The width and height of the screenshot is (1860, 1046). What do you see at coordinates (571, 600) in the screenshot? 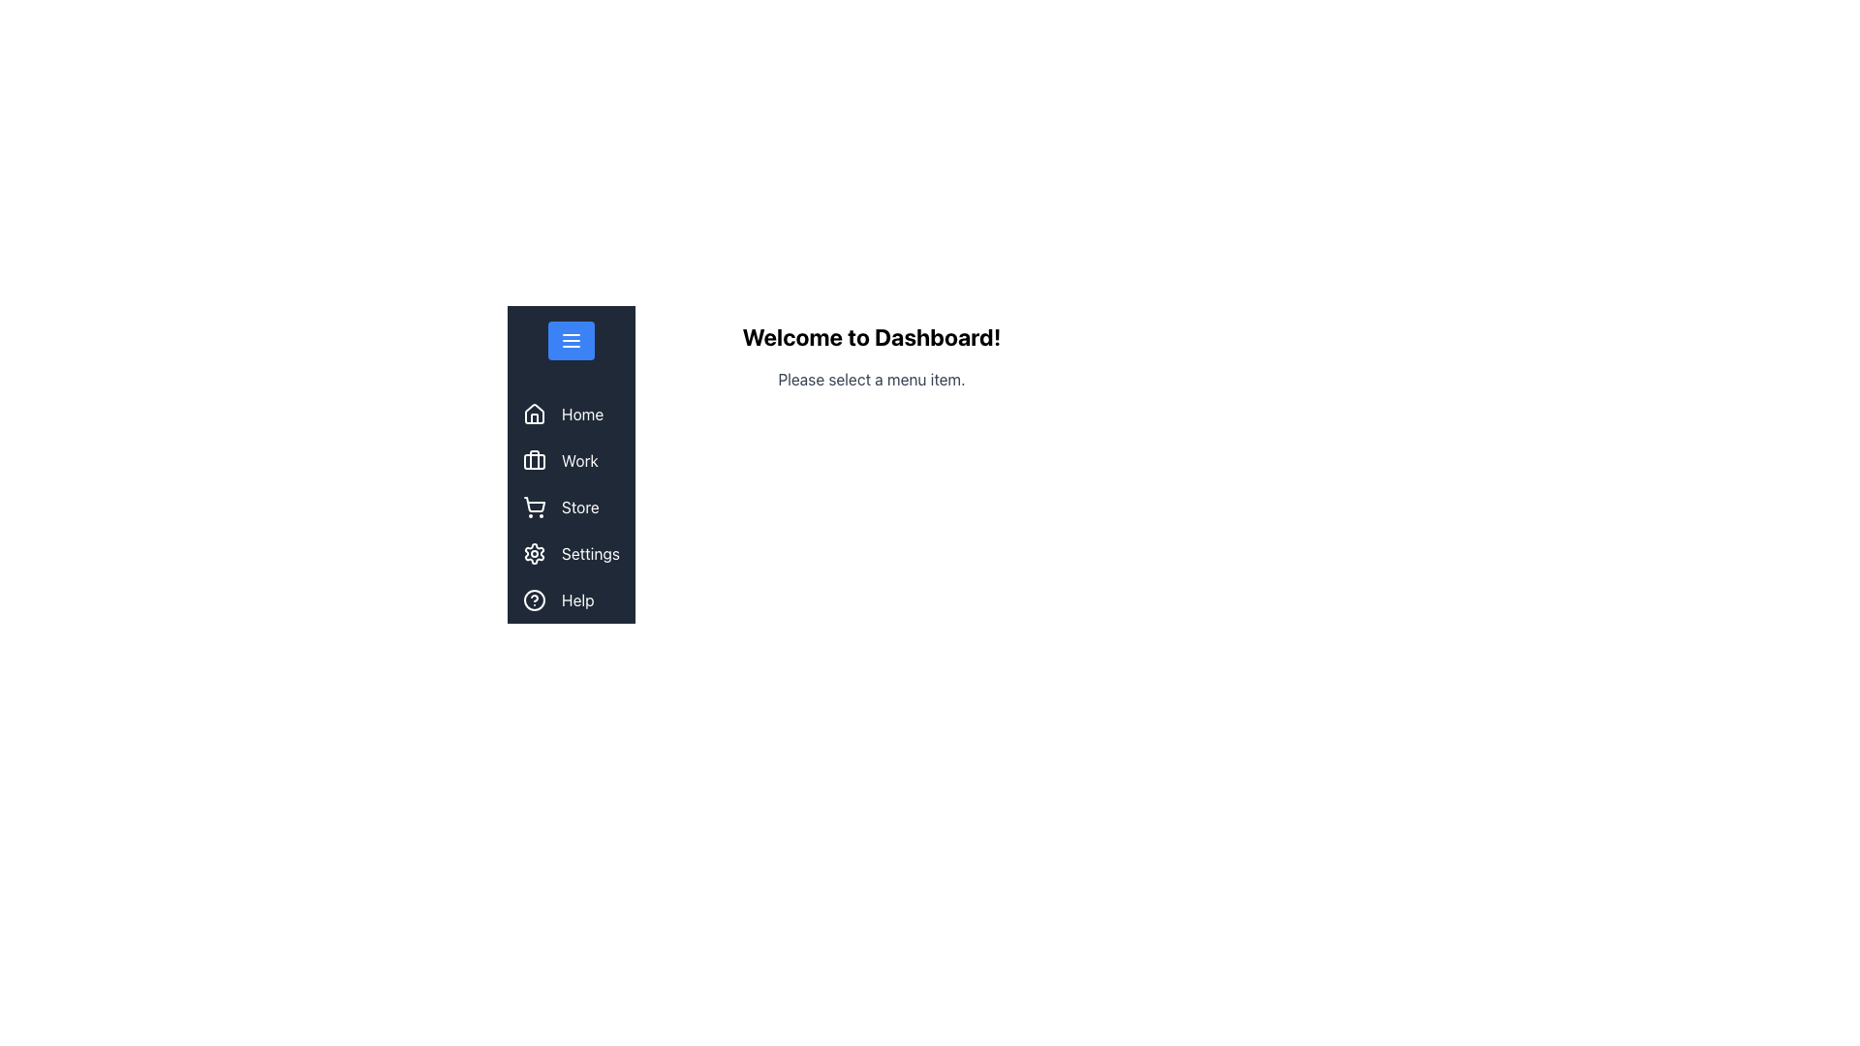
I see `the 'Help' label with the question mark icon` at bounding box center [571, 600].